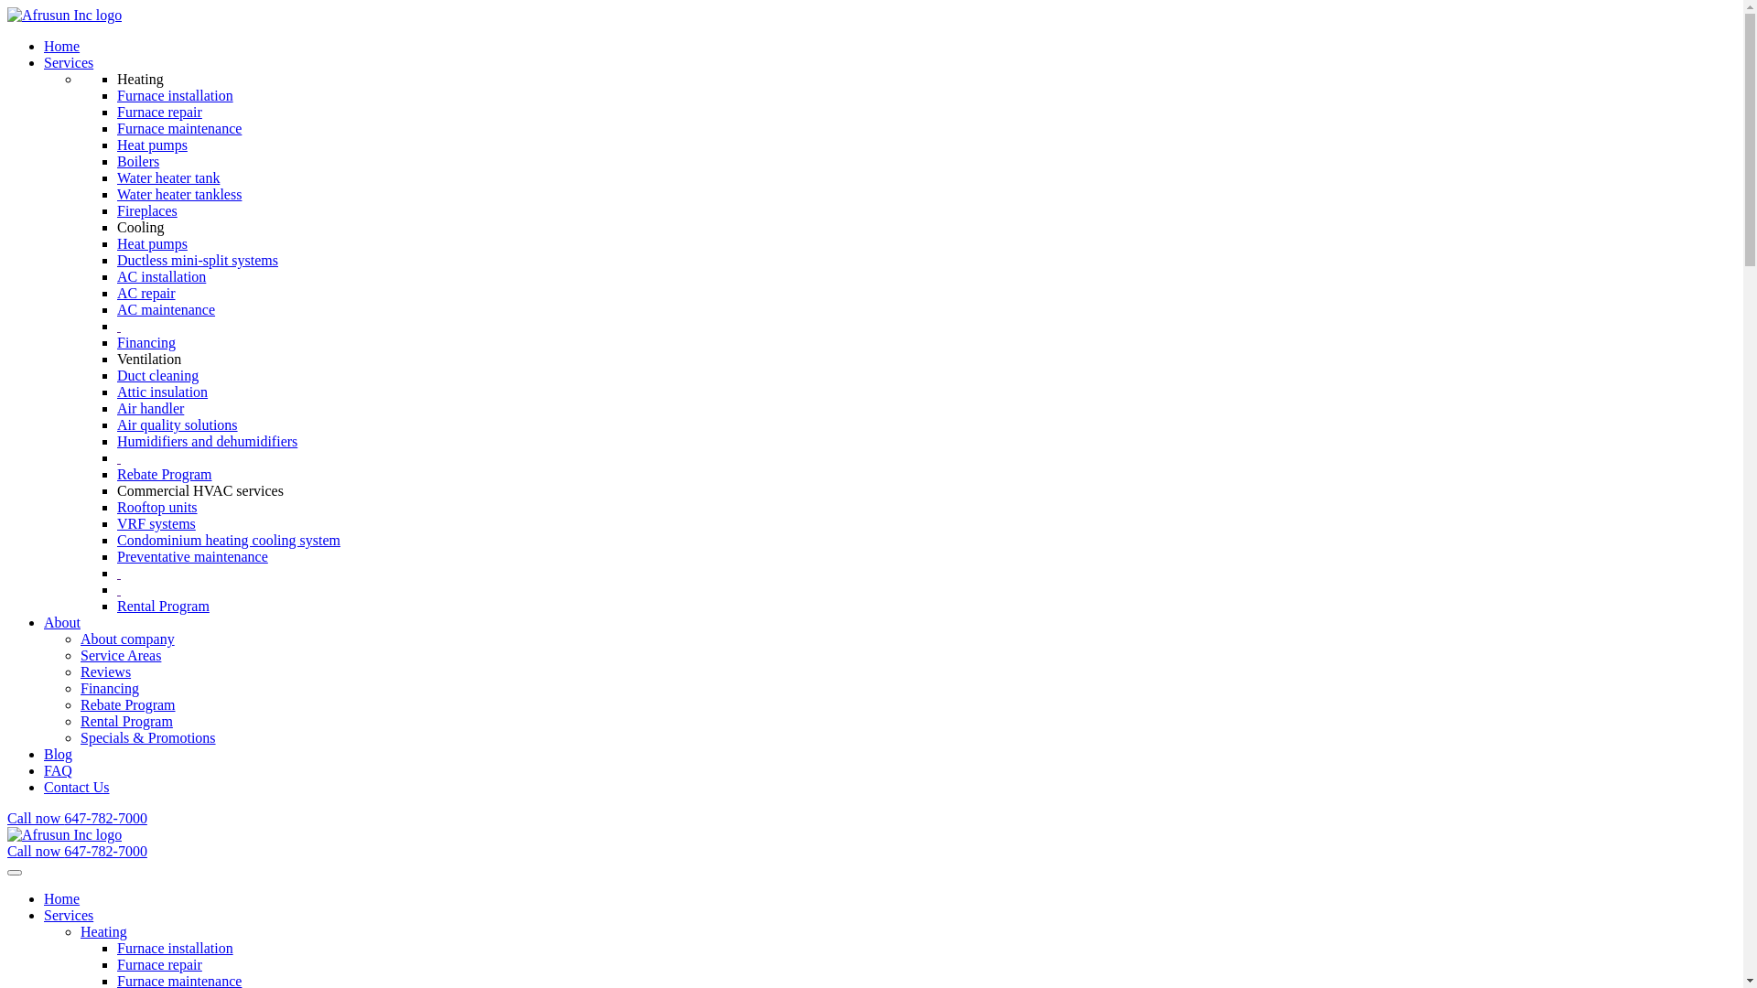 The image size is (1757, 988). Describe the element at coordinates (179, 127) in the screenshot. I see `'Furnace maintenance'` at that location.